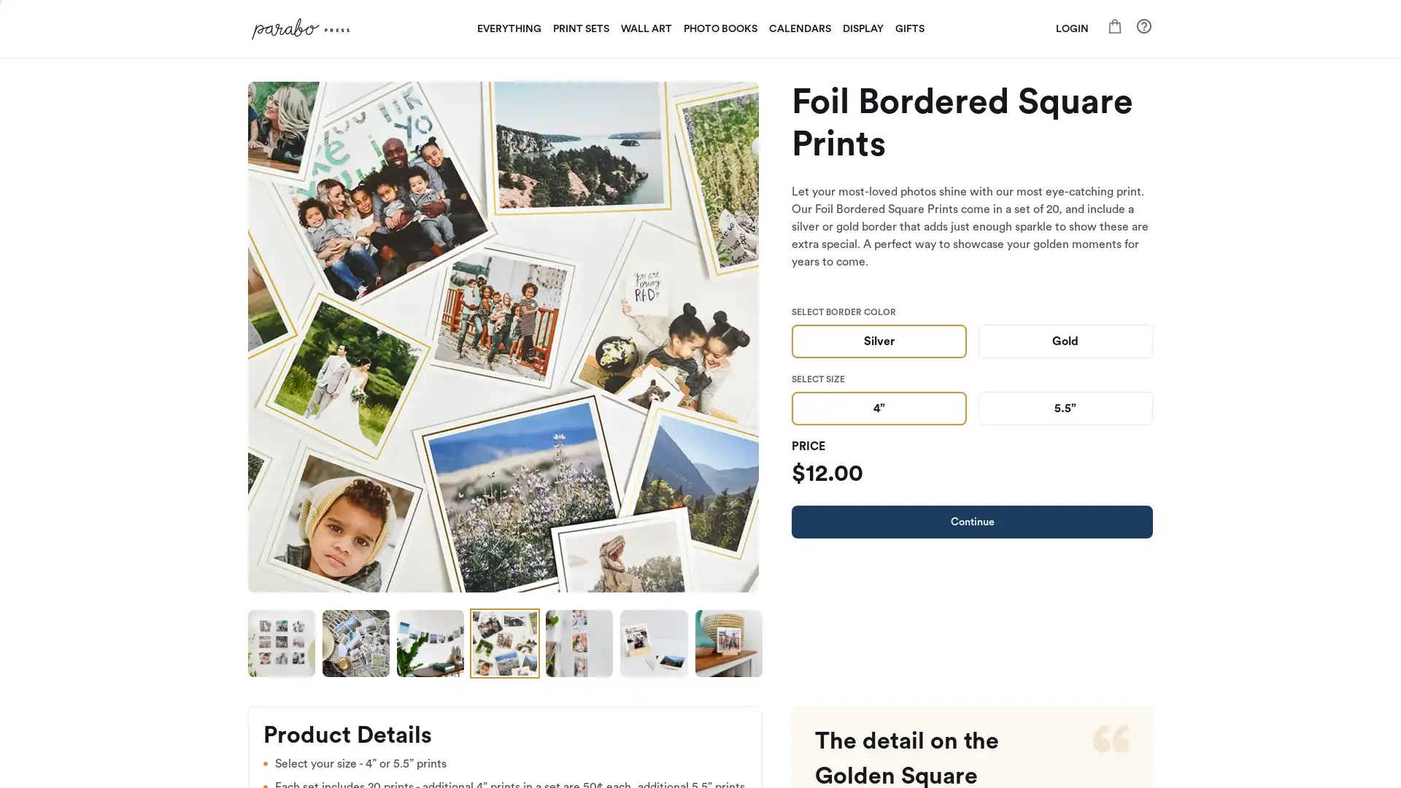 This screenshot has width=1401, height=788. Describe the element at coordinates (430, 643) in the screenshot. I see `slide dot` at that location.